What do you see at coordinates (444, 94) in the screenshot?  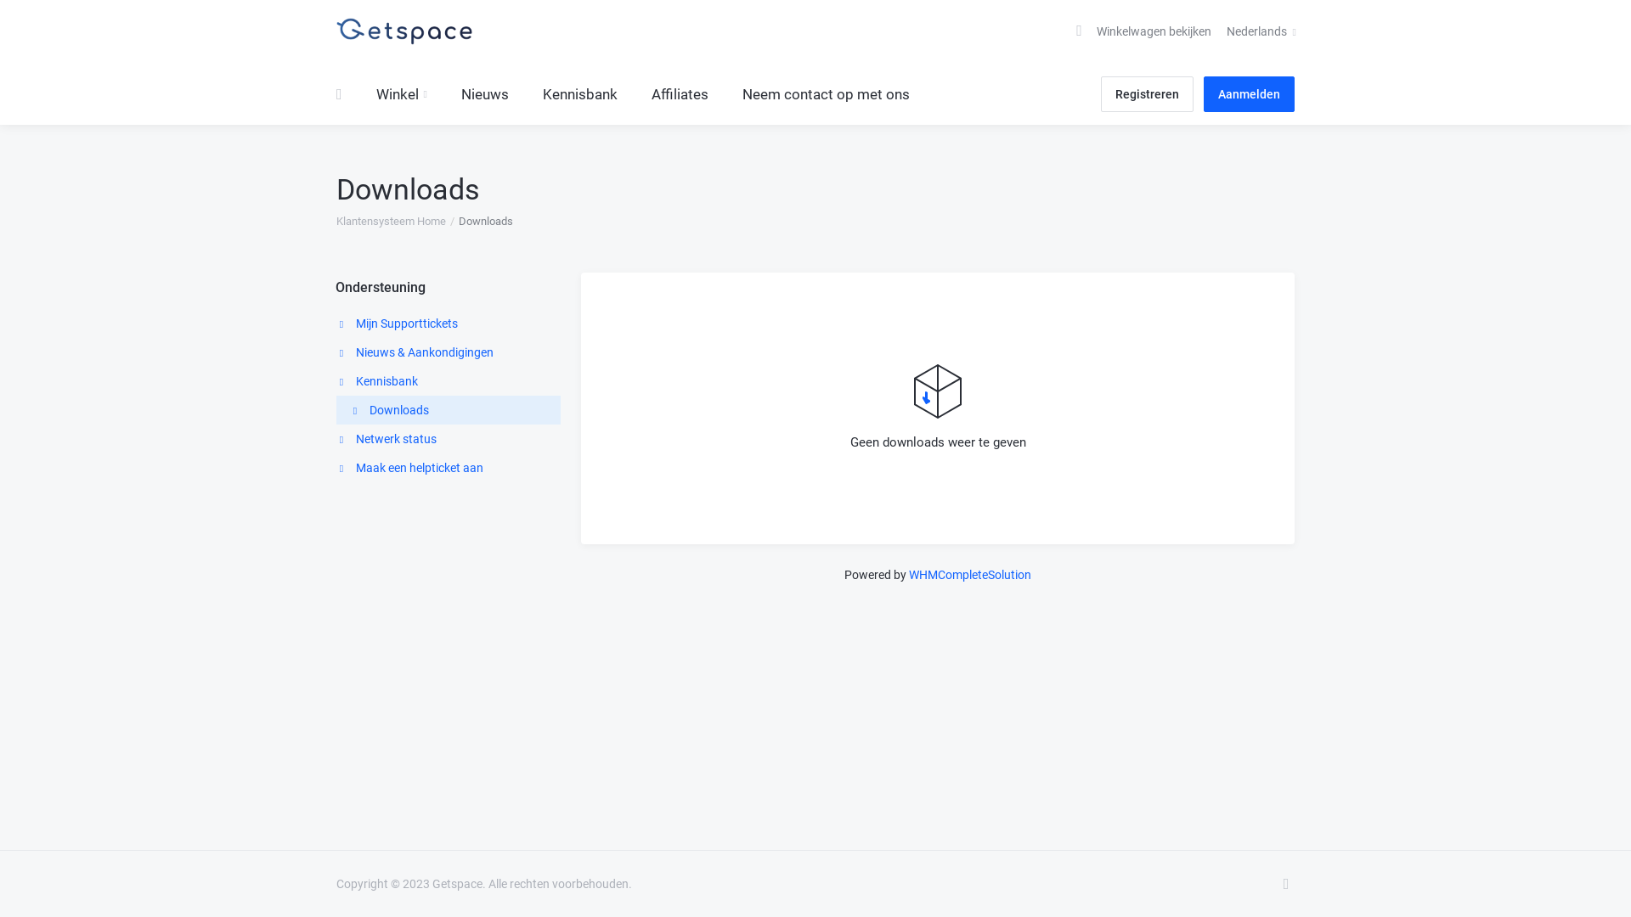 I see `'Nieuws'` at bounding box center [444, 94].